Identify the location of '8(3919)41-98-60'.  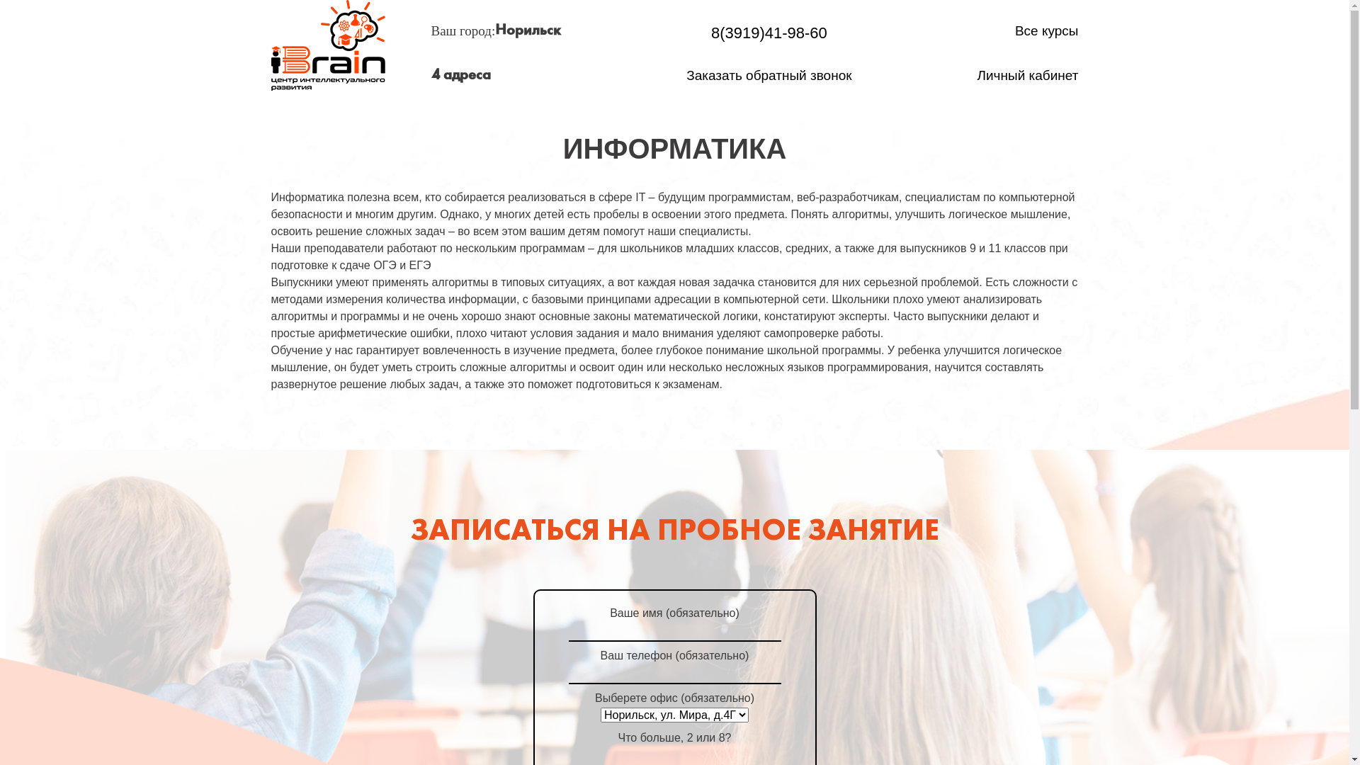
(768, 32).